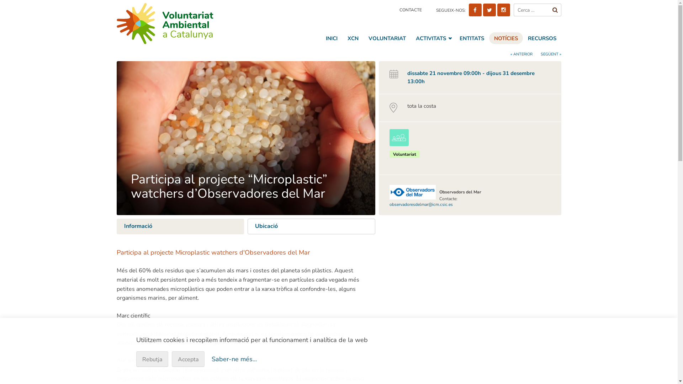 This screenshot has height=384, width=683. I want to click on 'observadoresdelmar@icm.csic.es', so click(421, 204).